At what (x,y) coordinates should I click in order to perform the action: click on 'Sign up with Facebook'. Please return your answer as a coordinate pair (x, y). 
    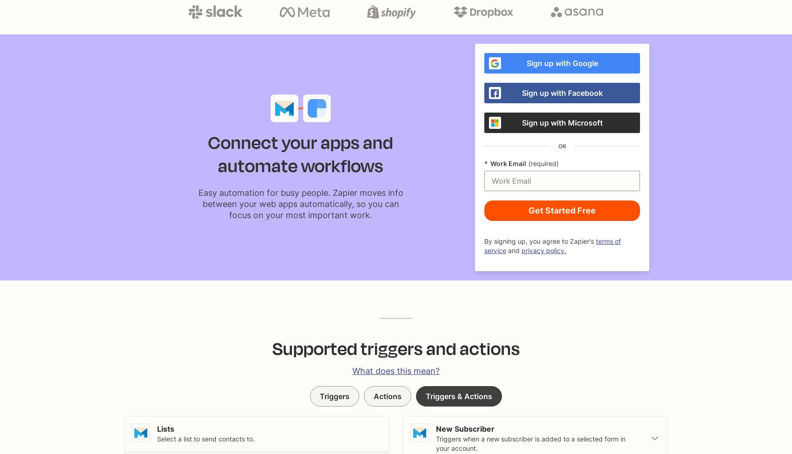
    Looking at the image, I should click on (521, 92).